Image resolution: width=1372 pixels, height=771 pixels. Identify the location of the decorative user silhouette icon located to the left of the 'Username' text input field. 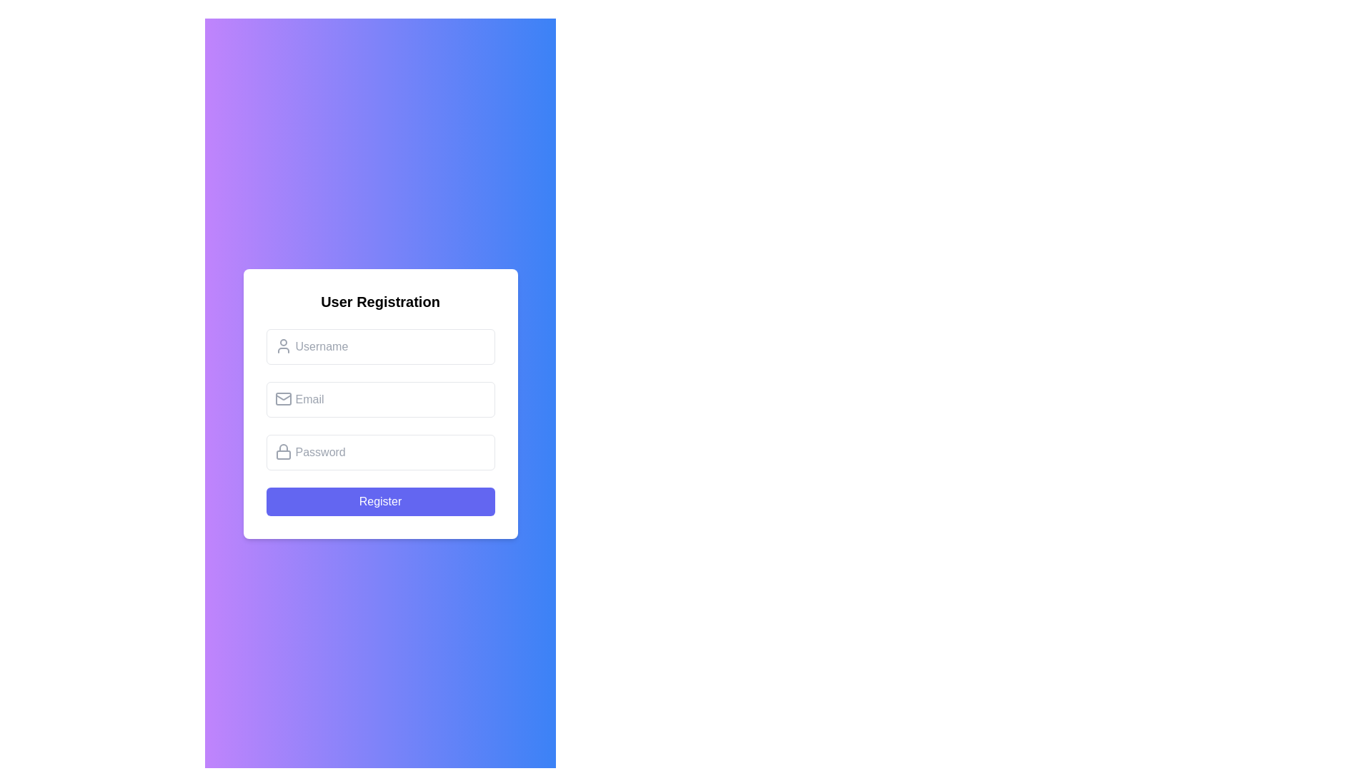
(283, 346).